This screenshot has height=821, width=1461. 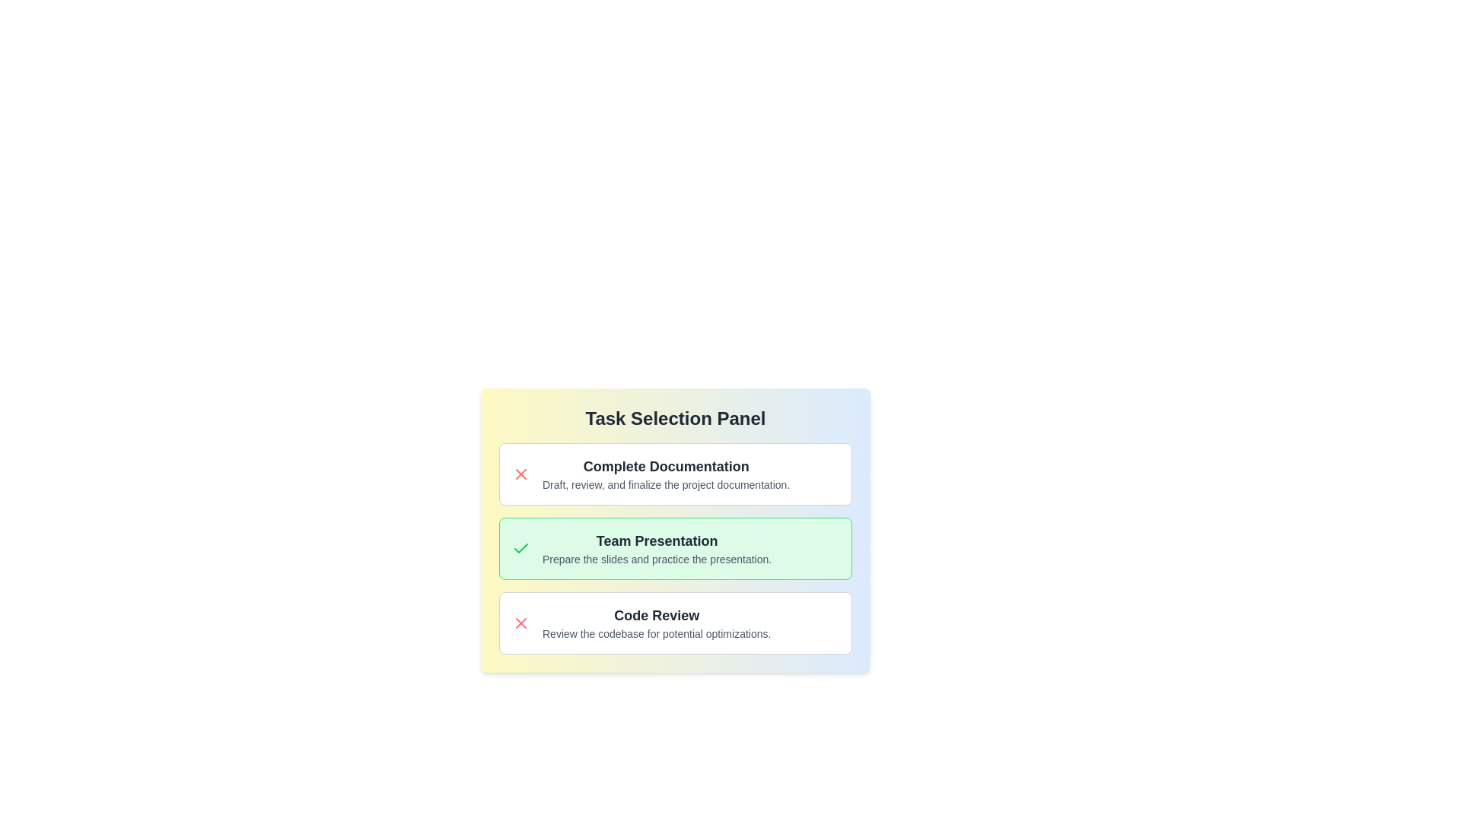 I want to click on the 'Team Presentation' task in the Task Selection Panel, so click(x=675, y=548).